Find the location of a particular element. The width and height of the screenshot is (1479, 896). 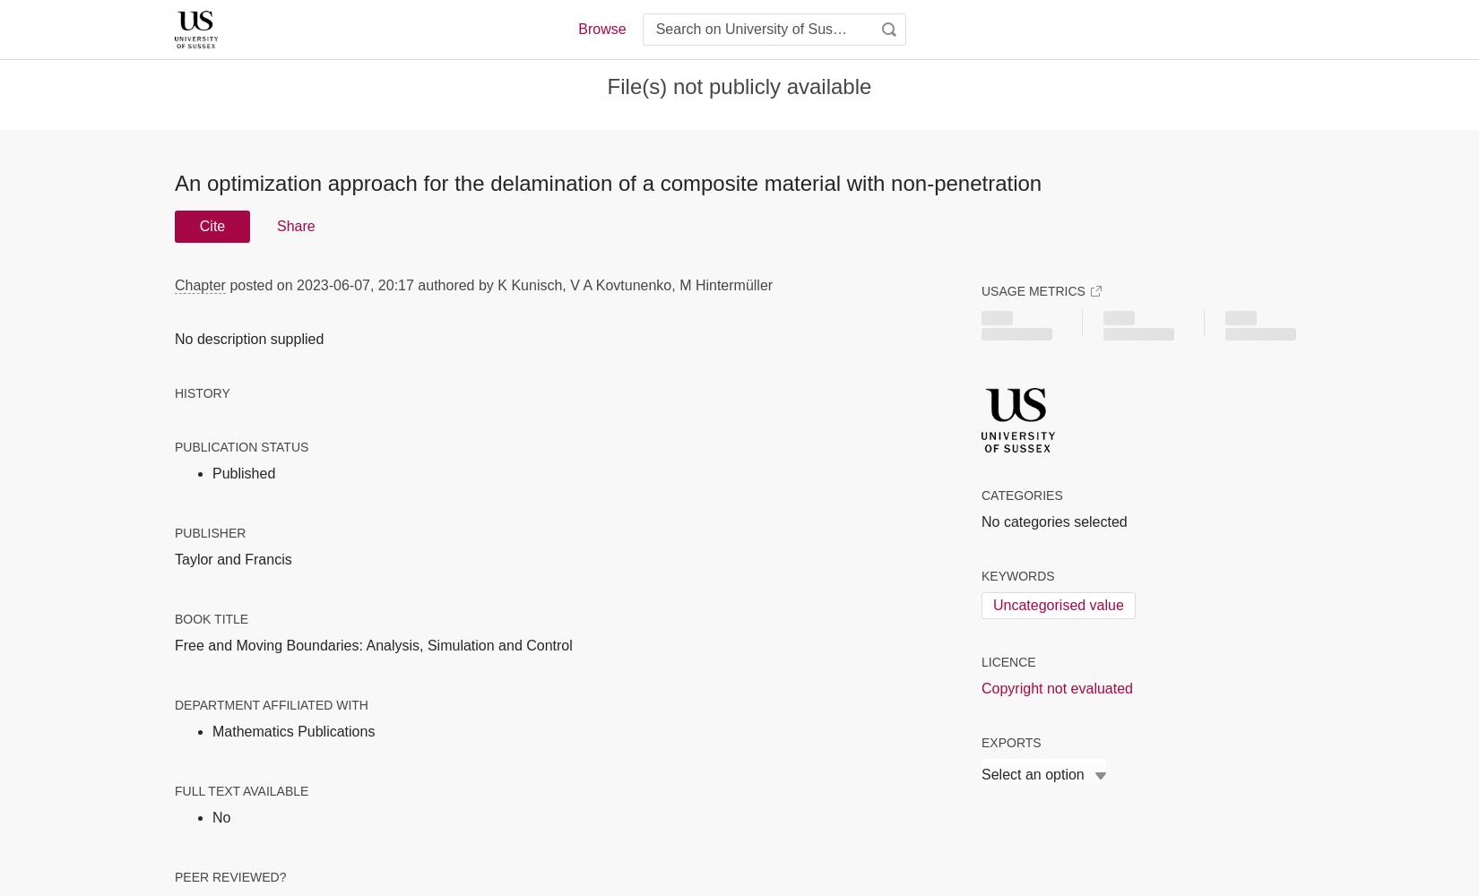

'BibTeX' is located at coordinates (1020, 823).